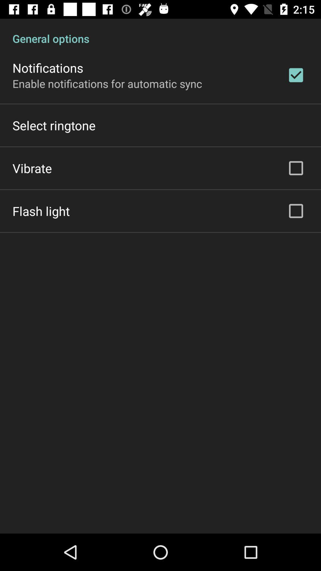 This screenshot has height=571, width=321. I want to click on the icon below notifications item, so click(107, 83).